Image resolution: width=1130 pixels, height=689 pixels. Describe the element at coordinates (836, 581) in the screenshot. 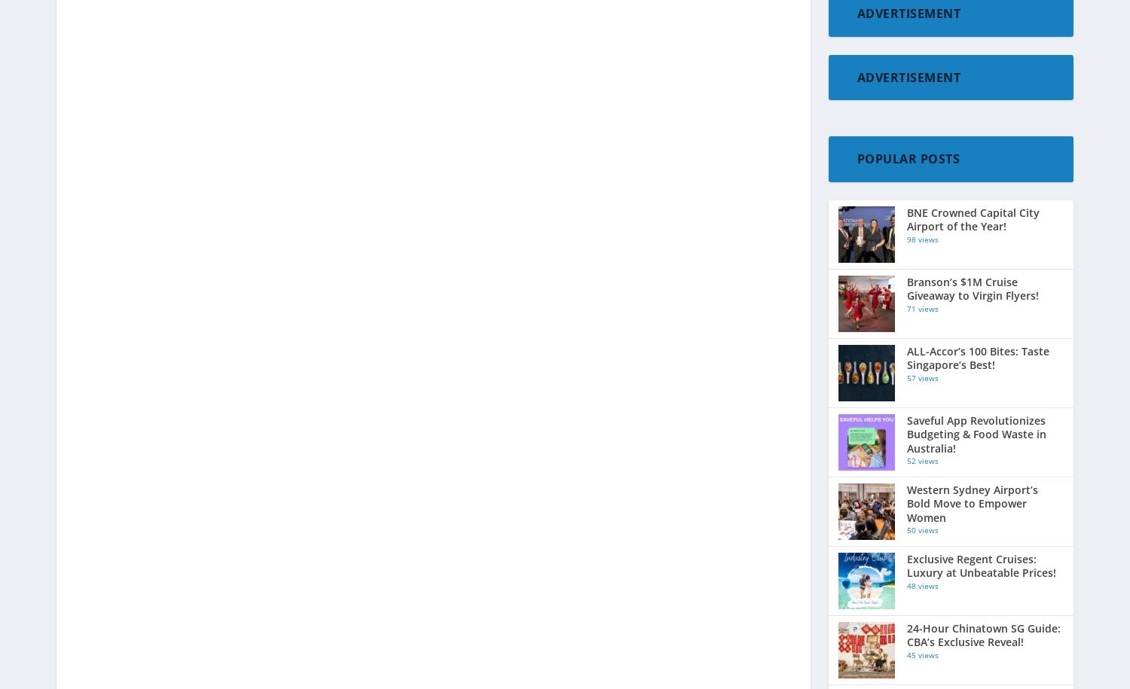

I see `'Nevada'` at that location.